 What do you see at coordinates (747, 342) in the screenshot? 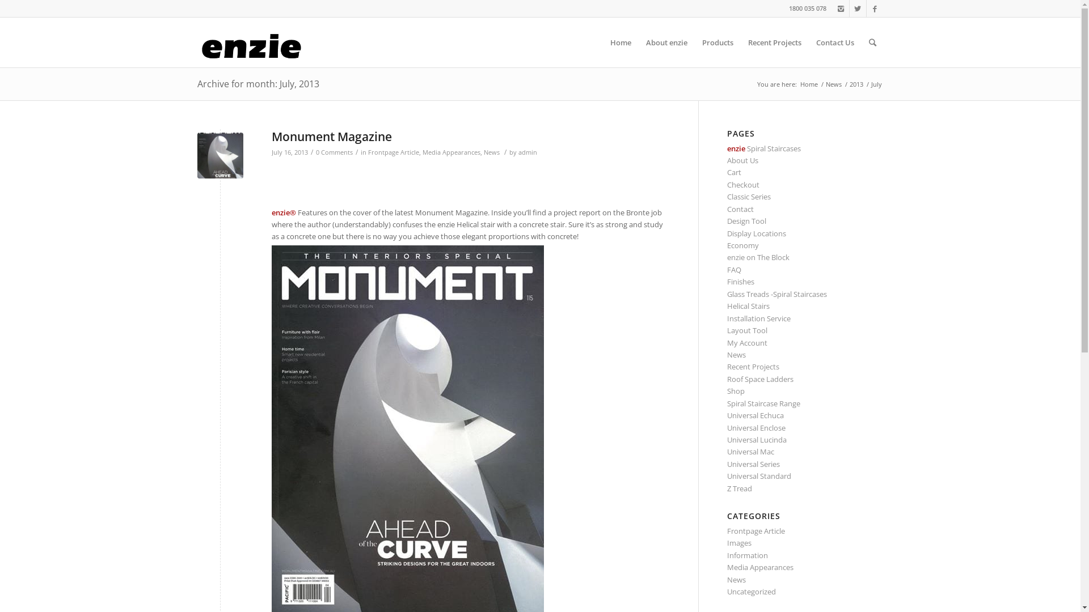
I see `'My Account'` at bounding box center [747, 342].